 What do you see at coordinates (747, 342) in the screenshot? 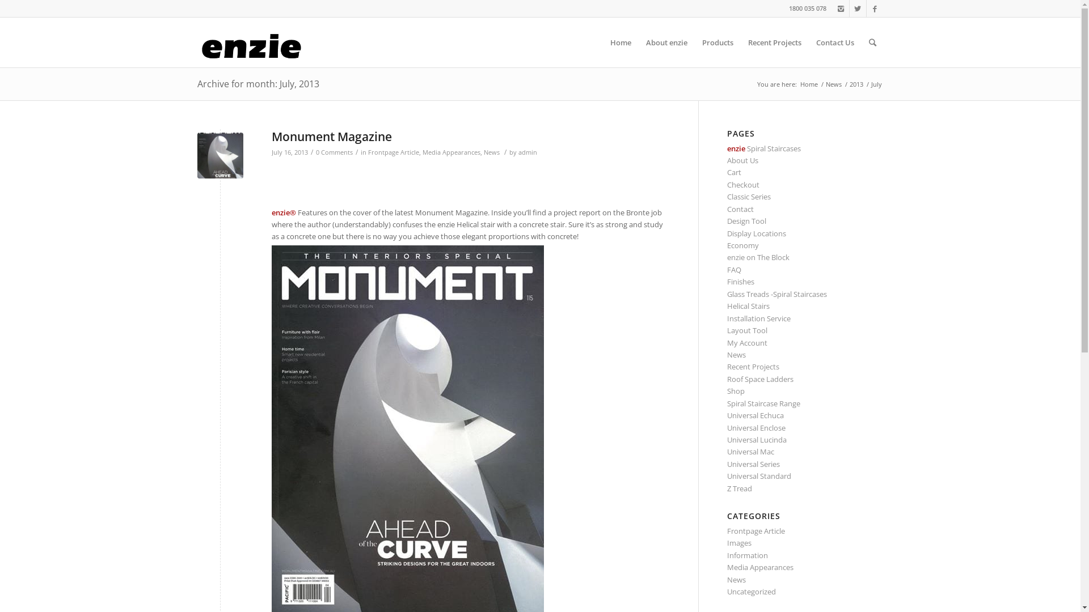
I see `'My Account'` at bounding box center [747, 342].